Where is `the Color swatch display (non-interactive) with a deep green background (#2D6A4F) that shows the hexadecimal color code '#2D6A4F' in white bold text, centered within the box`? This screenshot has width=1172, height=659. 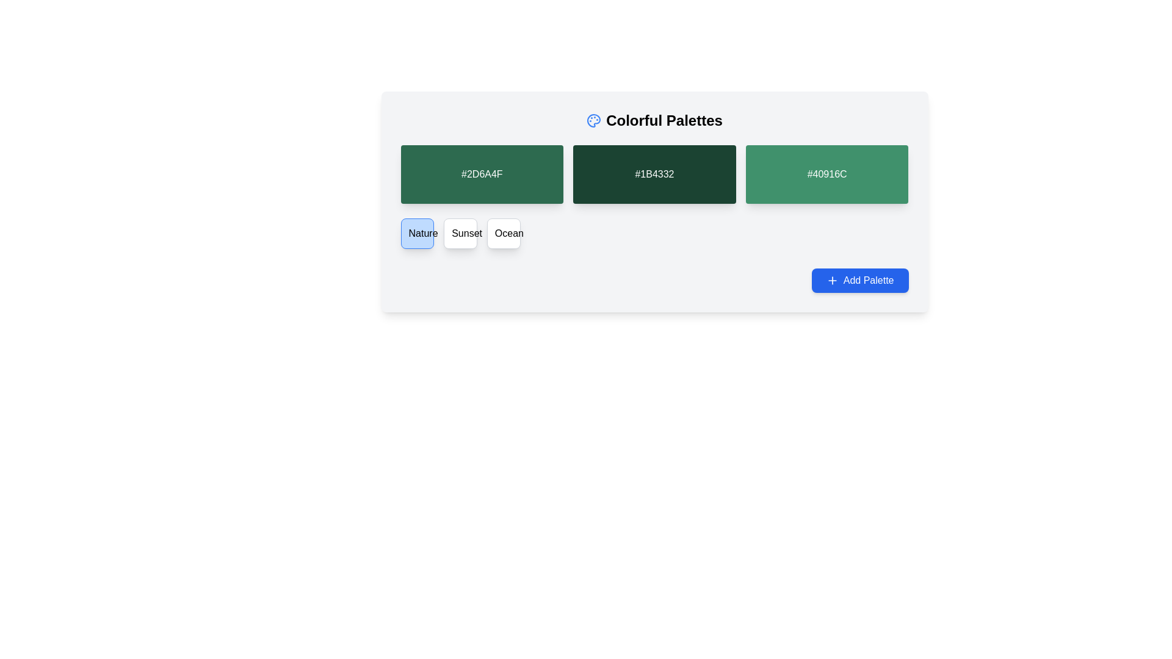
the Color swatch display (non-interactive) with a deep green background (#2D6A4F) that shows the hexadecimal color code '#2D6A4F' in white bold text, centered within the box is located at coordinates (481, 174).